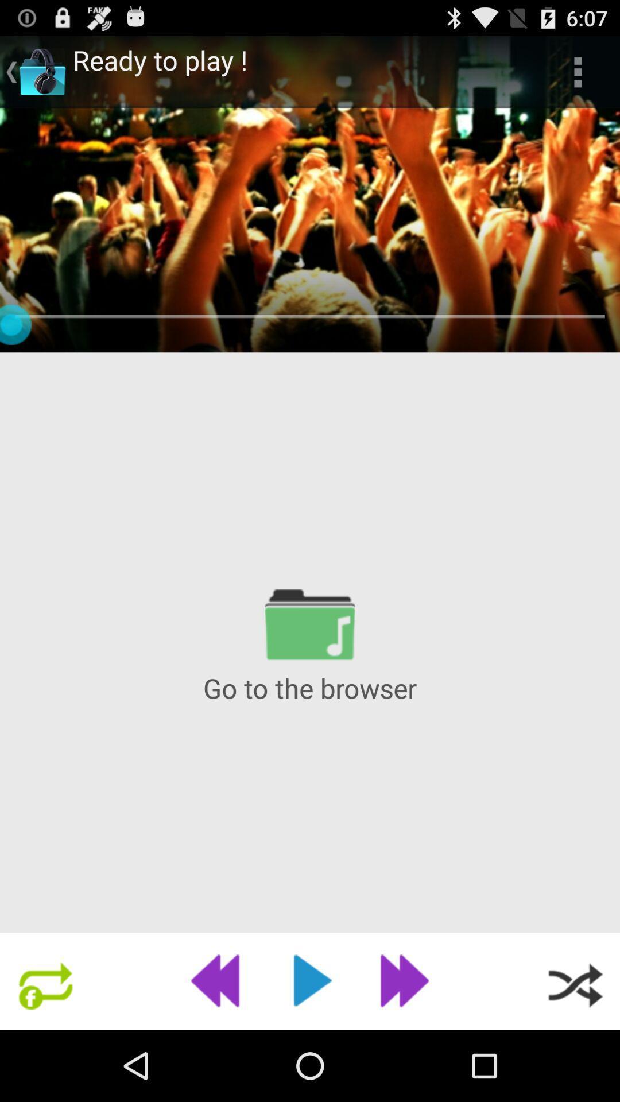  What do you see at coordinates (400, 1050) in the screenshot?
I see `the av_forward icon` at bounding box center [400, 1050].